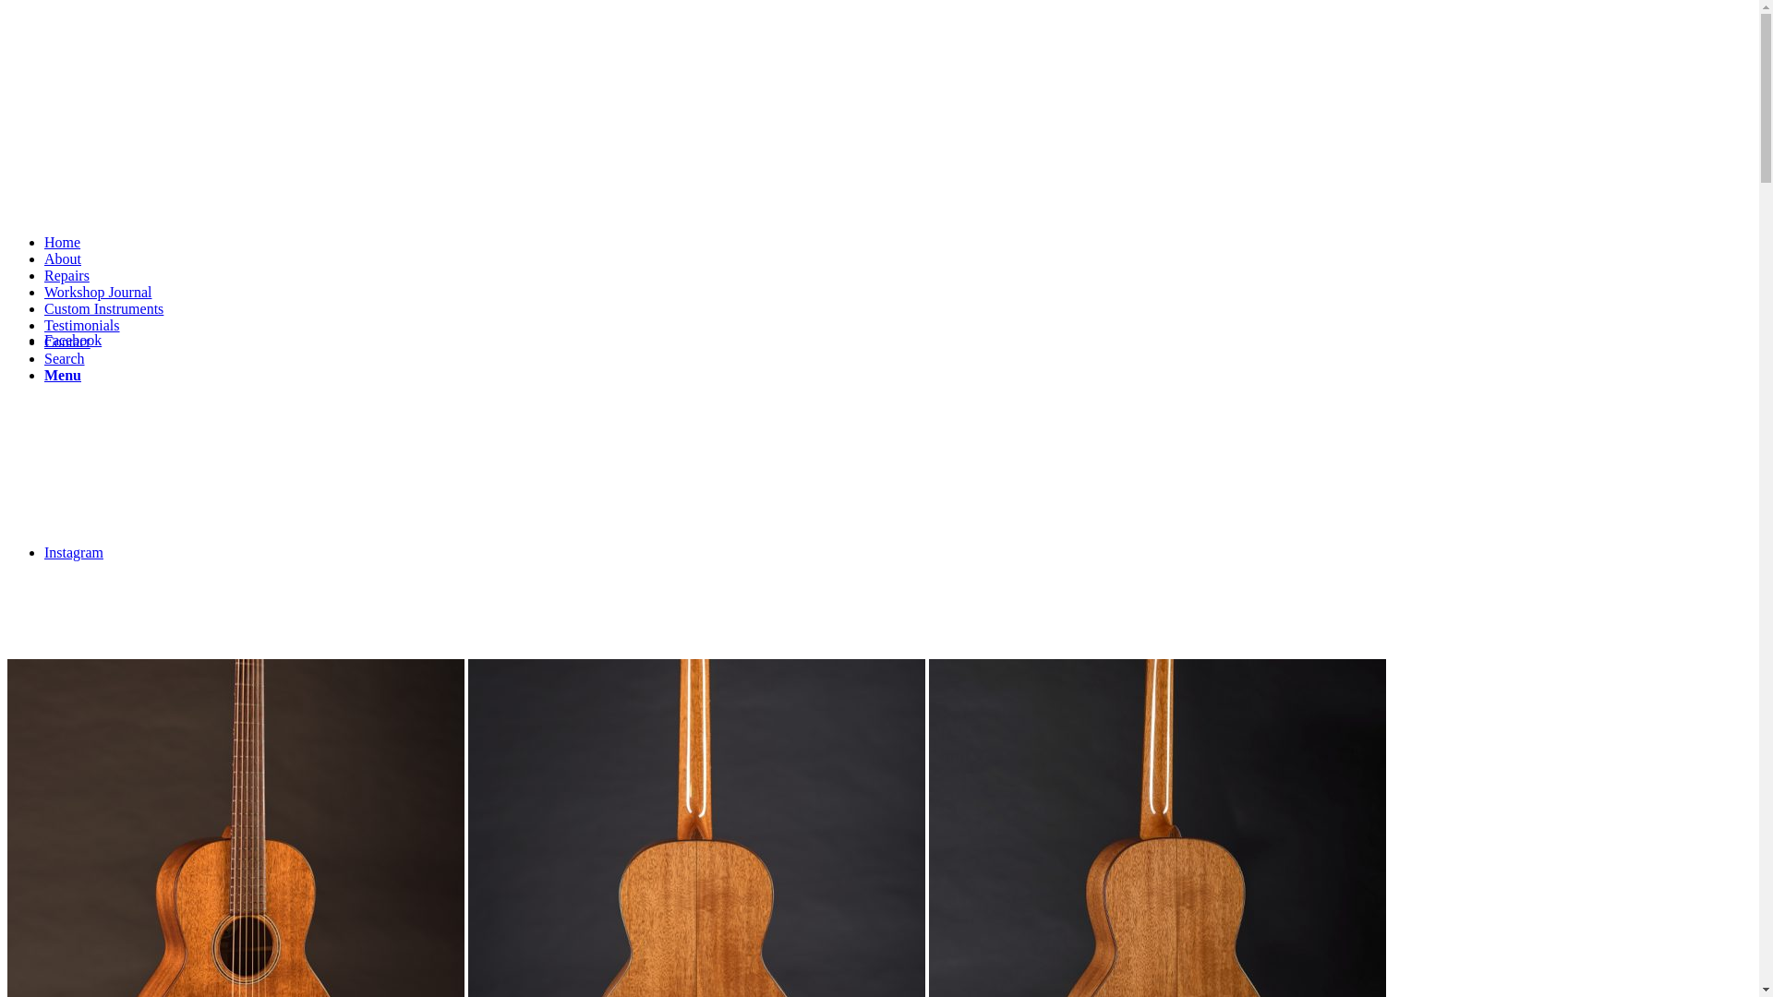 The width and height of the screenshot is (1773, 997). I want to click on 'Search', so click(44, 358).